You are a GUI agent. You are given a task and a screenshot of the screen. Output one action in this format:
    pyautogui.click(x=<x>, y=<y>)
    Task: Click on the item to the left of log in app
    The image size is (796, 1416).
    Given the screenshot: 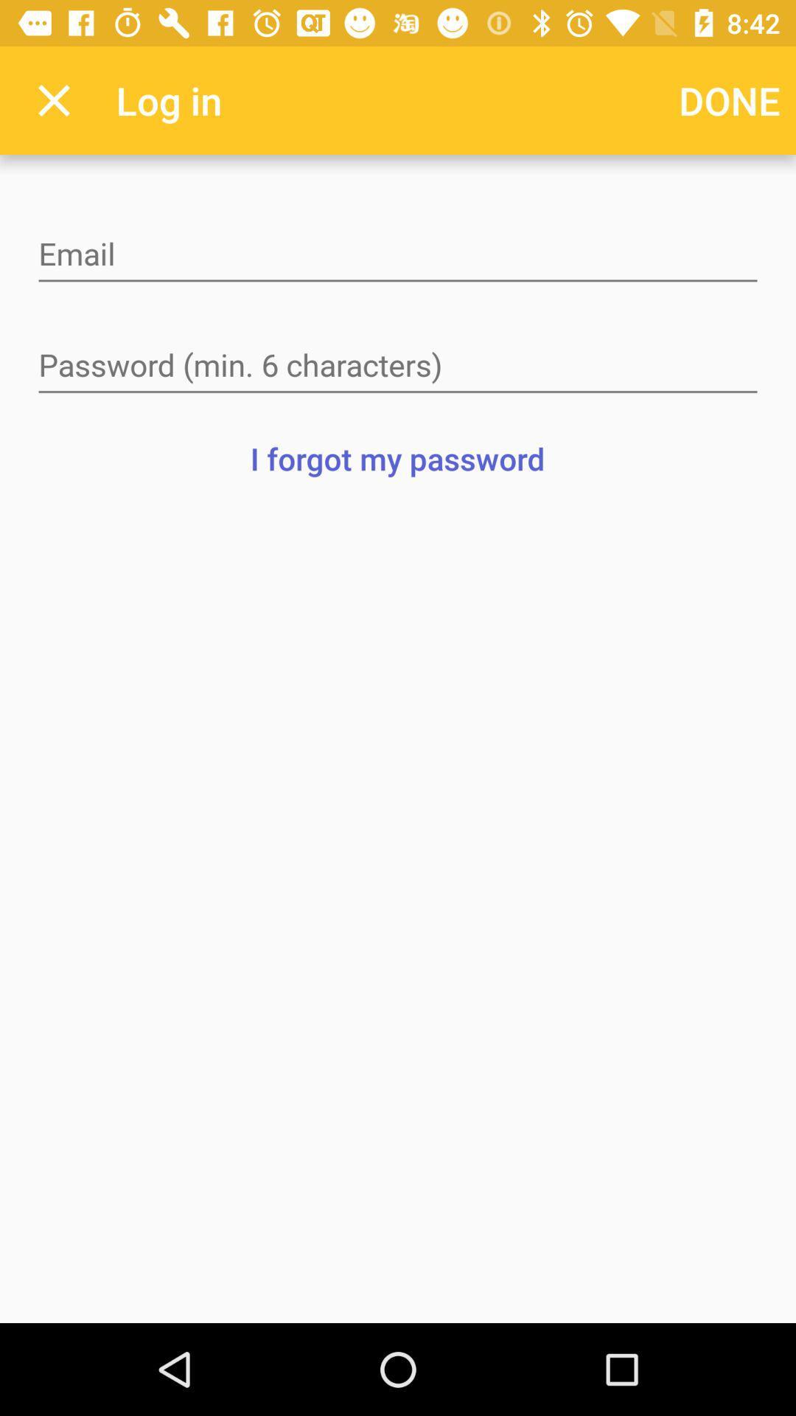 What is the action you would take?
    pyautogui.click(x=53, y=100)
    